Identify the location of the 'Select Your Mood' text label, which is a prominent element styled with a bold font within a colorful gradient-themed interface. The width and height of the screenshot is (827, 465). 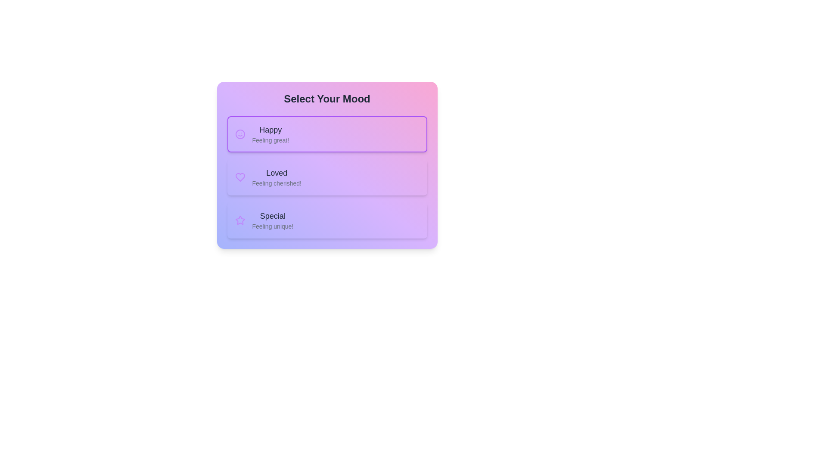
(326, 99).